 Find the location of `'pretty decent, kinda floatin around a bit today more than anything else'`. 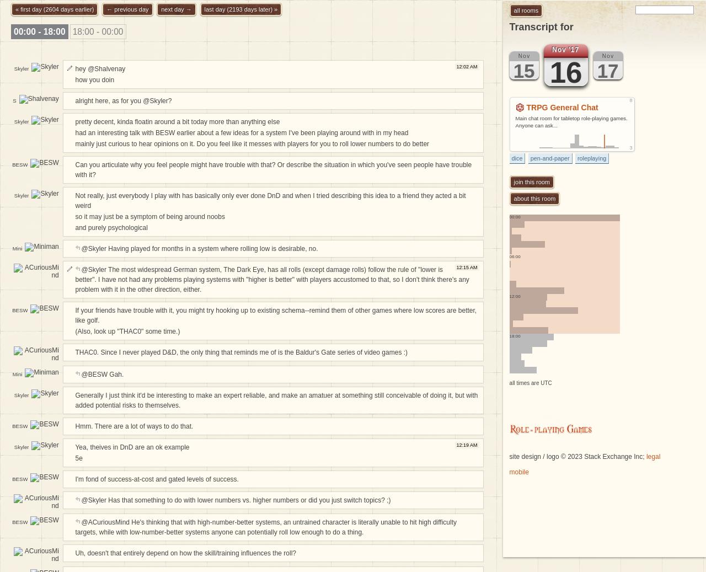

'pretty decent, kinda floatin around a bit today more than anything else' is located at coordinates (177, 121).